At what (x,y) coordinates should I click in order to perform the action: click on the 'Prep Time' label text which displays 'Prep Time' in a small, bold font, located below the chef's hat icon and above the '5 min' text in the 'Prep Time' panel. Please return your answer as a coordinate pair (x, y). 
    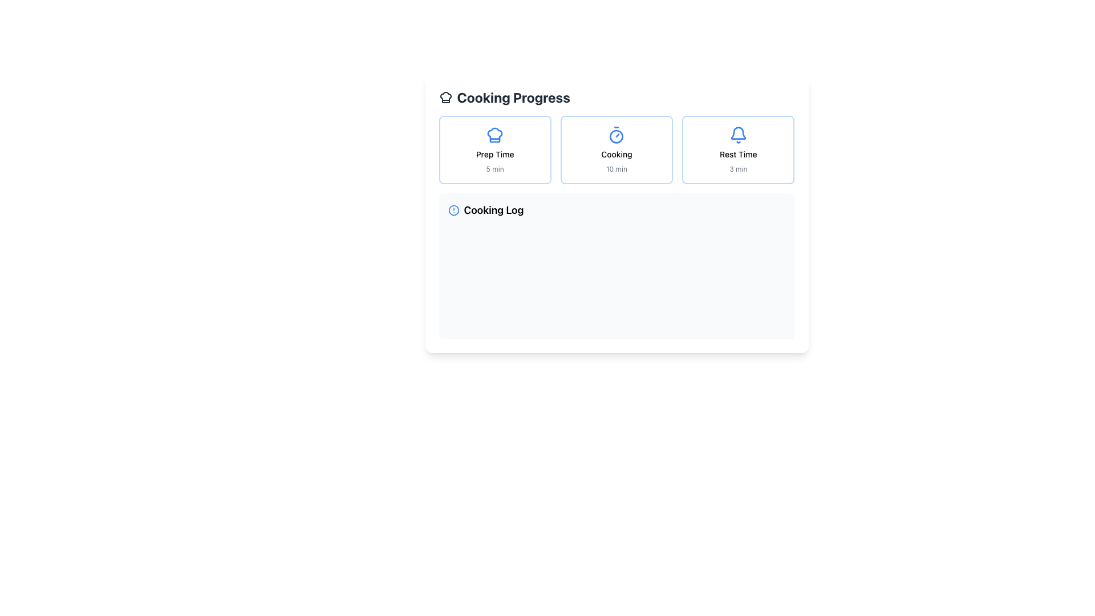
    Looking at the image, I should click on (495, 154).